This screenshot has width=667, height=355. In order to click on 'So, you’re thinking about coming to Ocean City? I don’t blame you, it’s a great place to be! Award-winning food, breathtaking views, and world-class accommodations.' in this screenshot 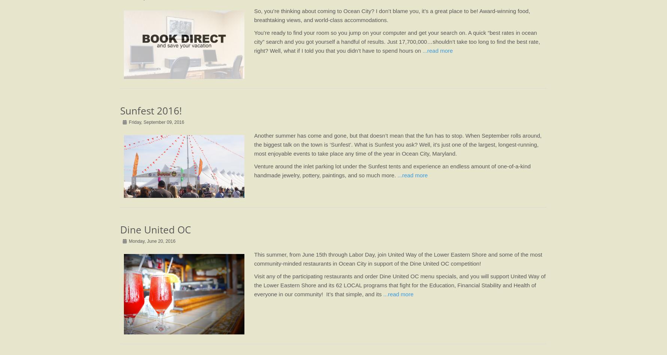, I will do `click(392, 15)`.